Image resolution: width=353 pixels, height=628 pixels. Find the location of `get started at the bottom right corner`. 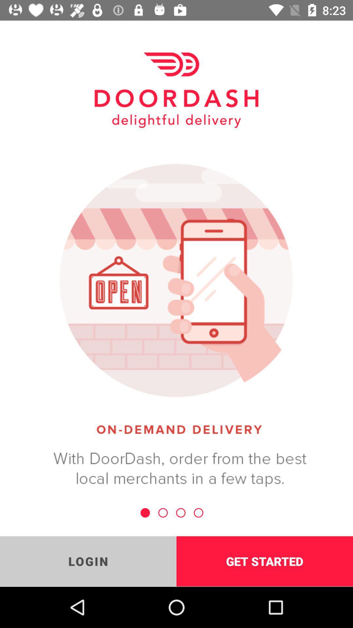

get started at the bottom right corner is located at coordinates (265, 561).